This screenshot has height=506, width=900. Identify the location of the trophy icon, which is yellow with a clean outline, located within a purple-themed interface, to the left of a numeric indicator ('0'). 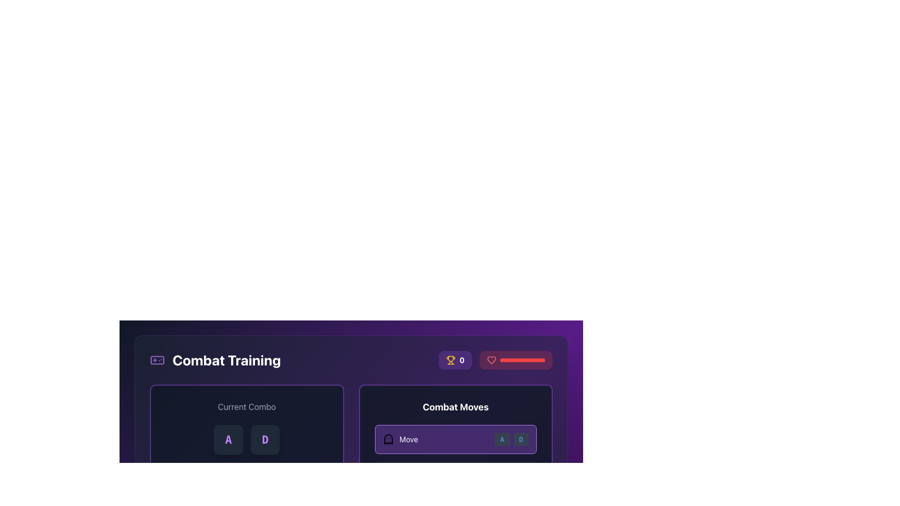
(451, 359).